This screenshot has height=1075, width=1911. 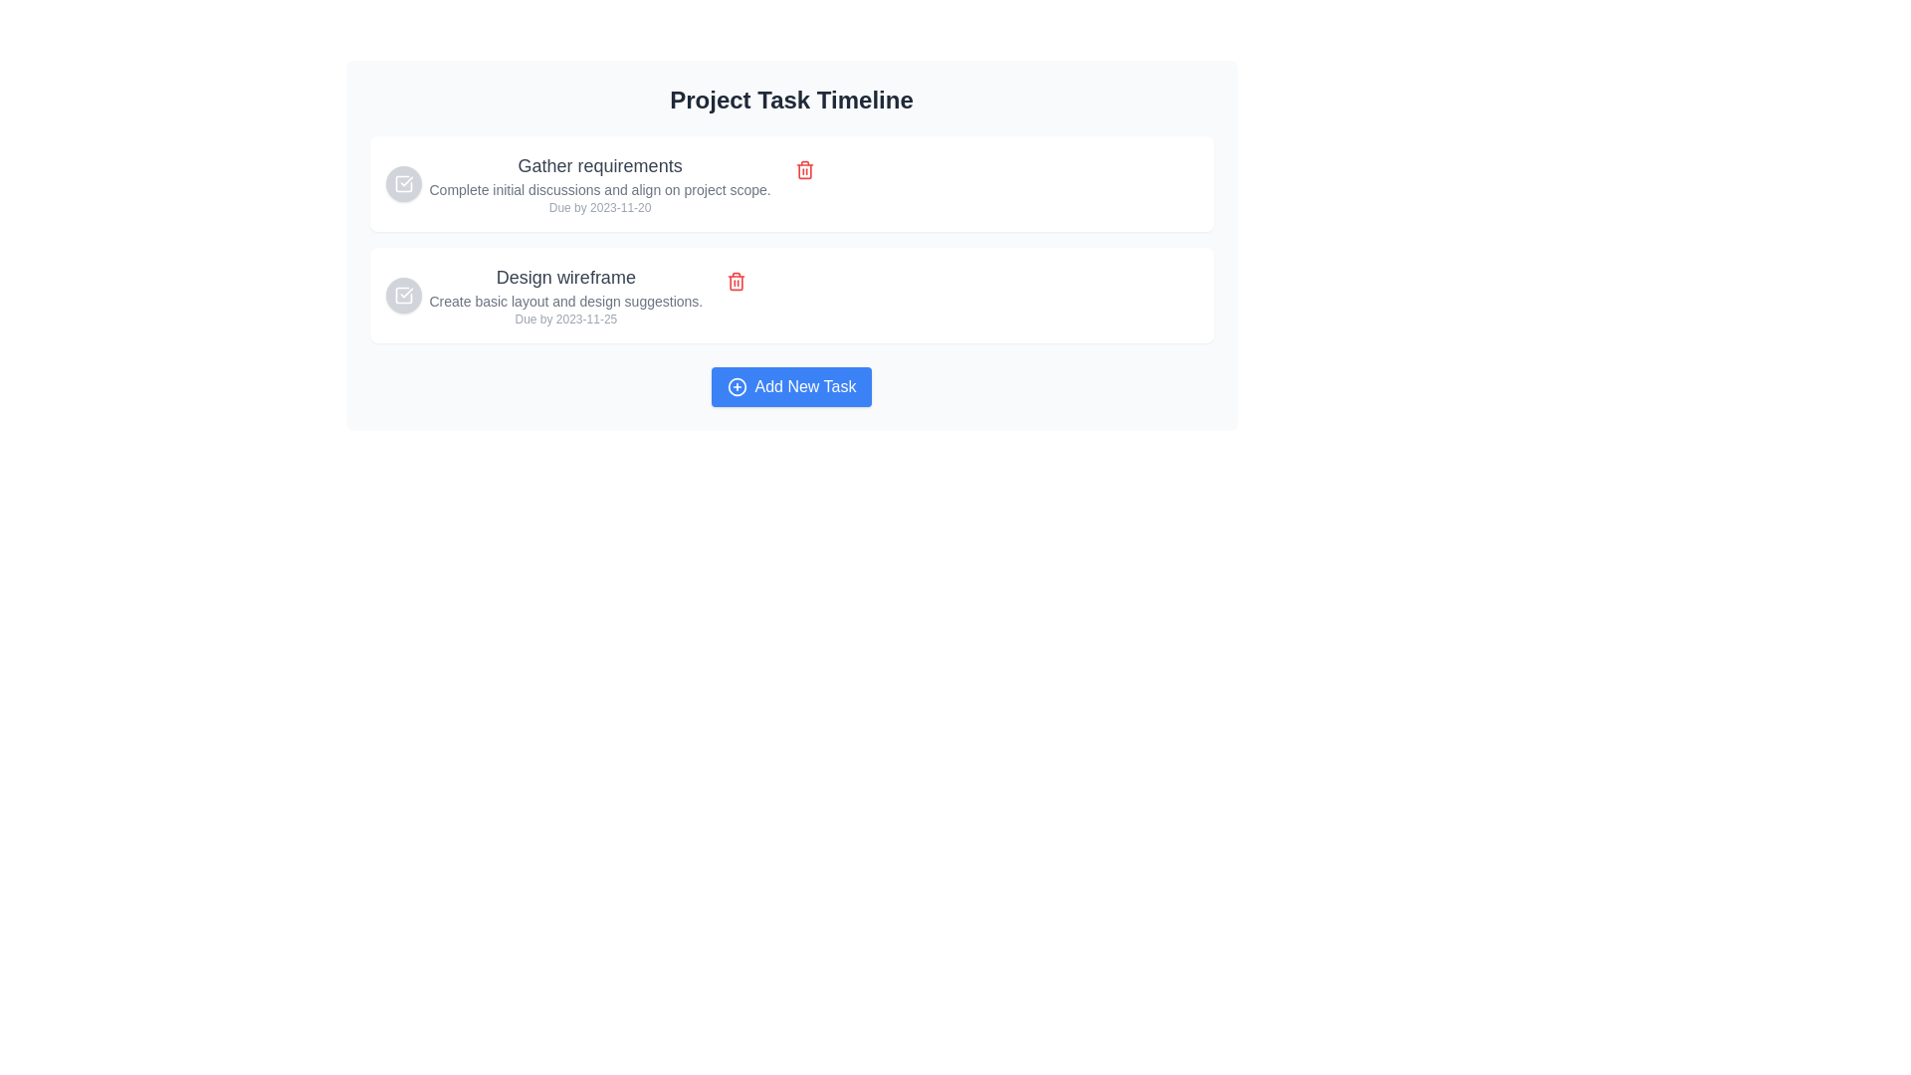 I want to click on the icon background element that is styled as a square outline with rounded corners, located in the upper task block titled 'Gather requirements', so click(x=402, y=184).